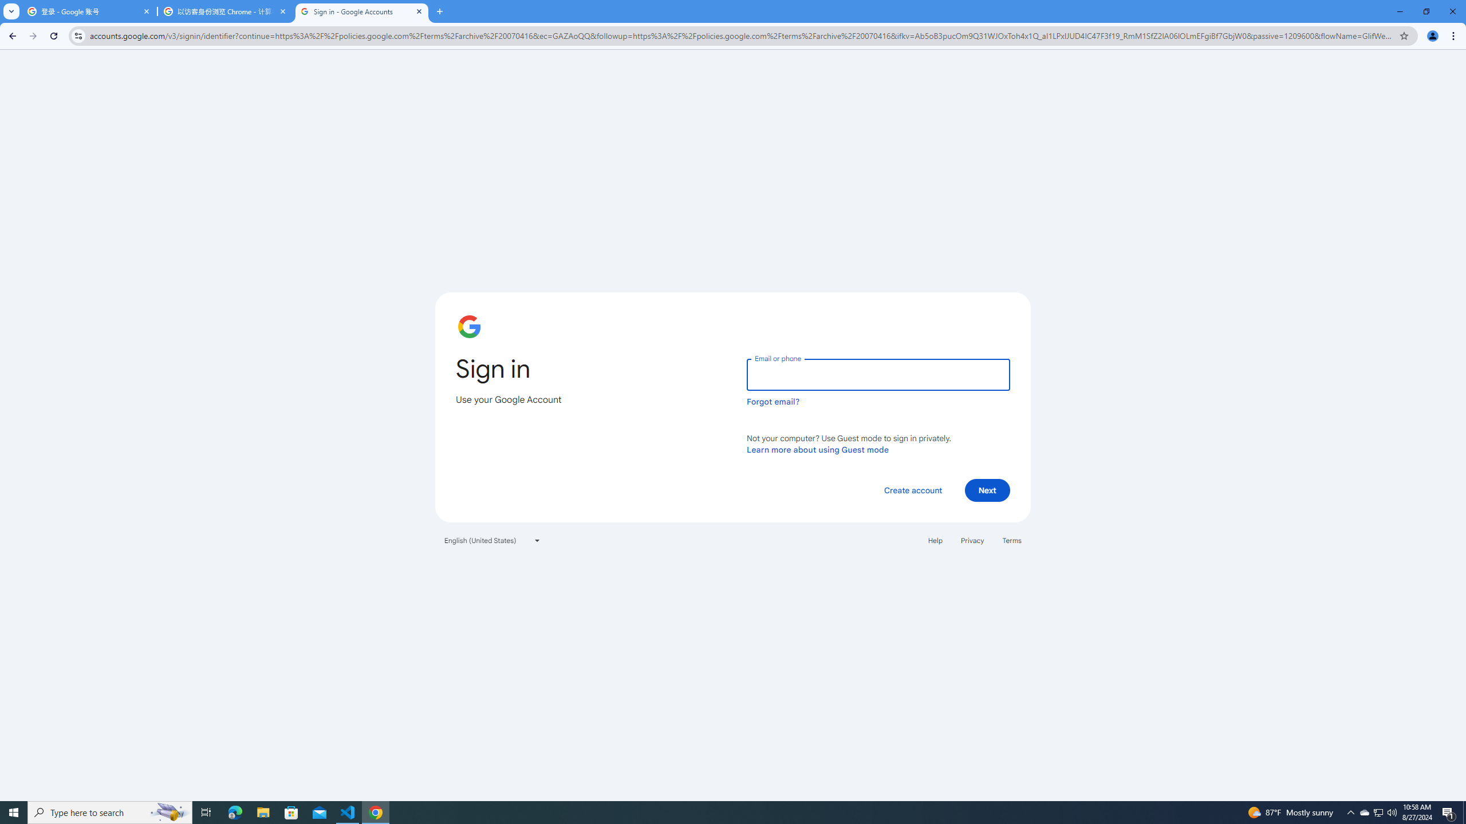 The width and height of the screenshot is (1466, 824). Describe the element at coordinates (817, 449) in the screenshot. I see `'Learn more about using Guest mode'` at that location.